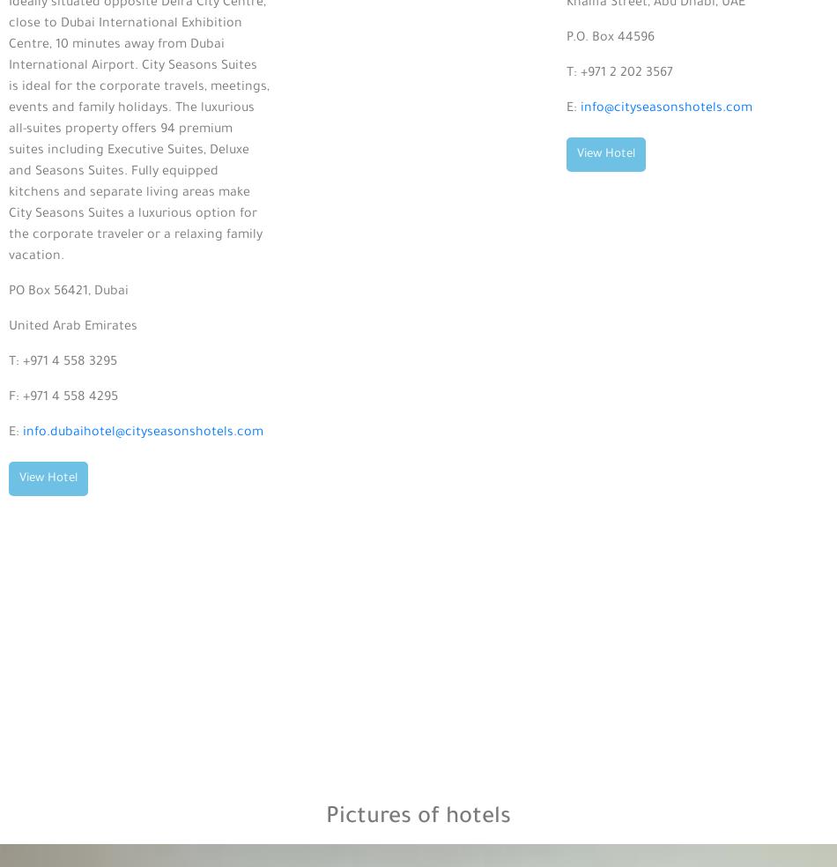  Describe the element at coordinates (619, 73) in the screenshot. I see `'T: +971 2 202 3567'` at that location.